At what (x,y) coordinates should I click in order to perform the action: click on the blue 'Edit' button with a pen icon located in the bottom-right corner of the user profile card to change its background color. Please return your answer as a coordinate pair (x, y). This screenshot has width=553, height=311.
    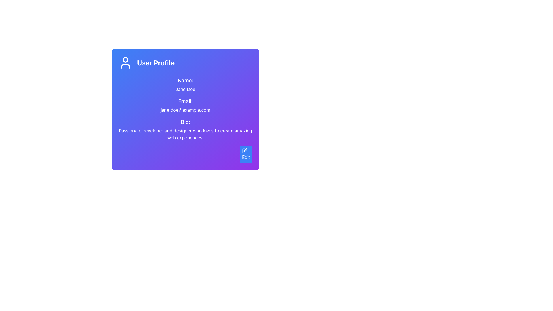
    Looking at the image, I should click on (246, 154).